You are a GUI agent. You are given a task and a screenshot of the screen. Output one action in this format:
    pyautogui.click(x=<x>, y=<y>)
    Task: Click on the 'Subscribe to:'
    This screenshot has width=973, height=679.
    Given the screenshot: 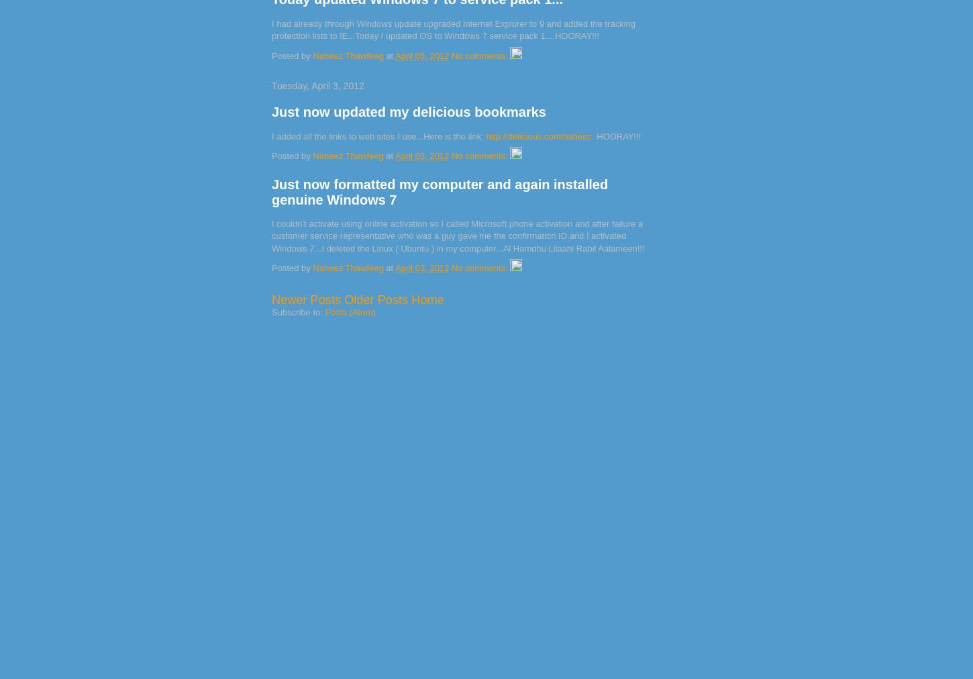 What is the action you would take?
    pyautogui.click(x=297, y=312)
    